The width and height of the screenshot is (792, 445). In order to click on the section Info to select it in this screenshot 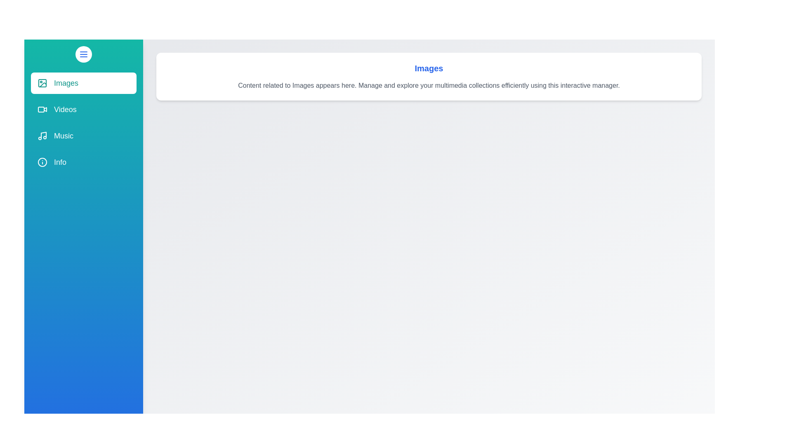, I will do `click(83, 162)`.